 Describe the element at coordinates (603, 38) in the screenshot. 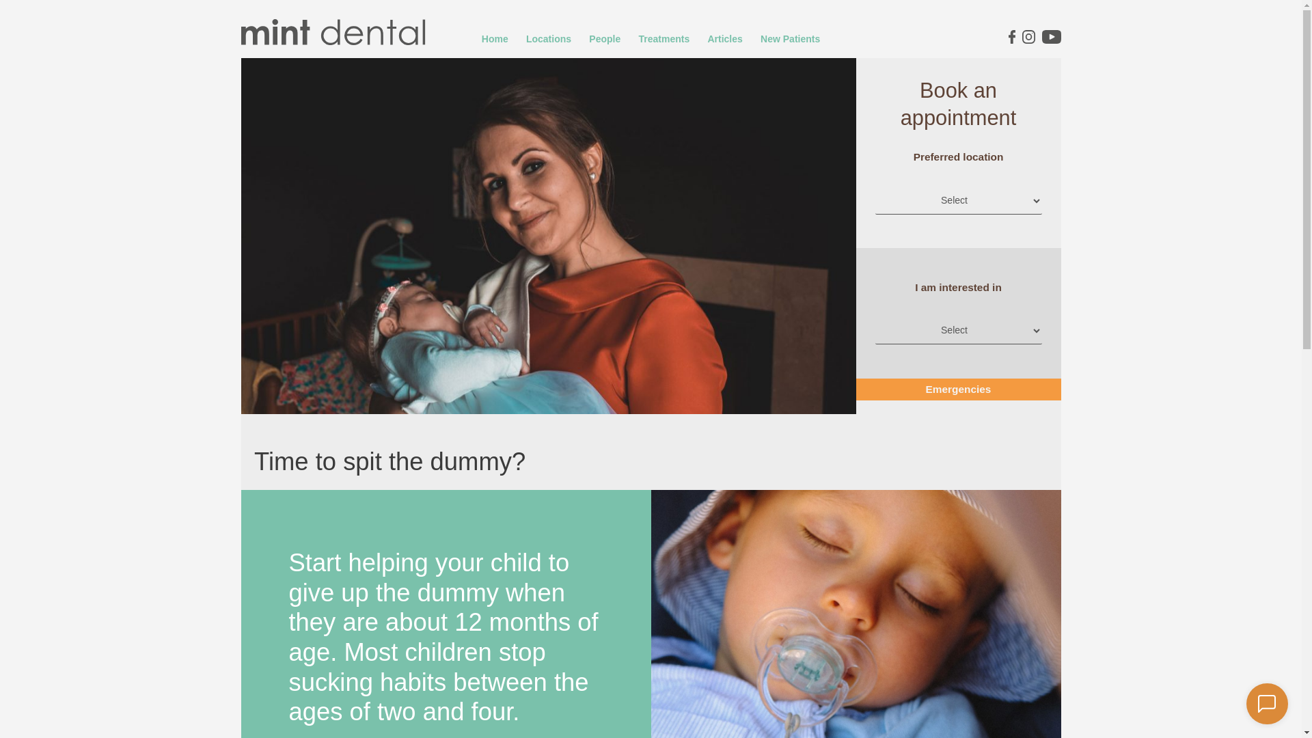

I see `'People'` at that location.